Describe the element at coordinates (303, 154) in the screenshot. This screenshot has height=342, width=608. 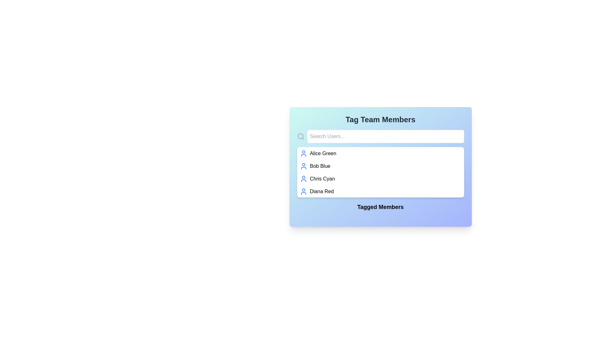
I see `the user avatar icon for 'Alice Green', which is a blue circular head and shoulders outline located on the left side of the user listing` at that location.